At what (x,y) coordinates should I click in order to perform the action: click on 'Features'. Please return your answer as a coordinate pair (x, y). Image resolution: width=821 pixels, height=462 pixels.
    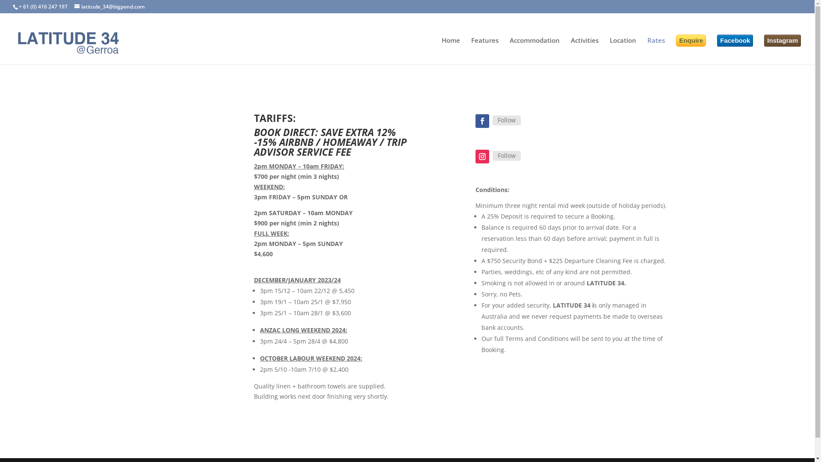
    Looking at the image, I should click on (484, 51).